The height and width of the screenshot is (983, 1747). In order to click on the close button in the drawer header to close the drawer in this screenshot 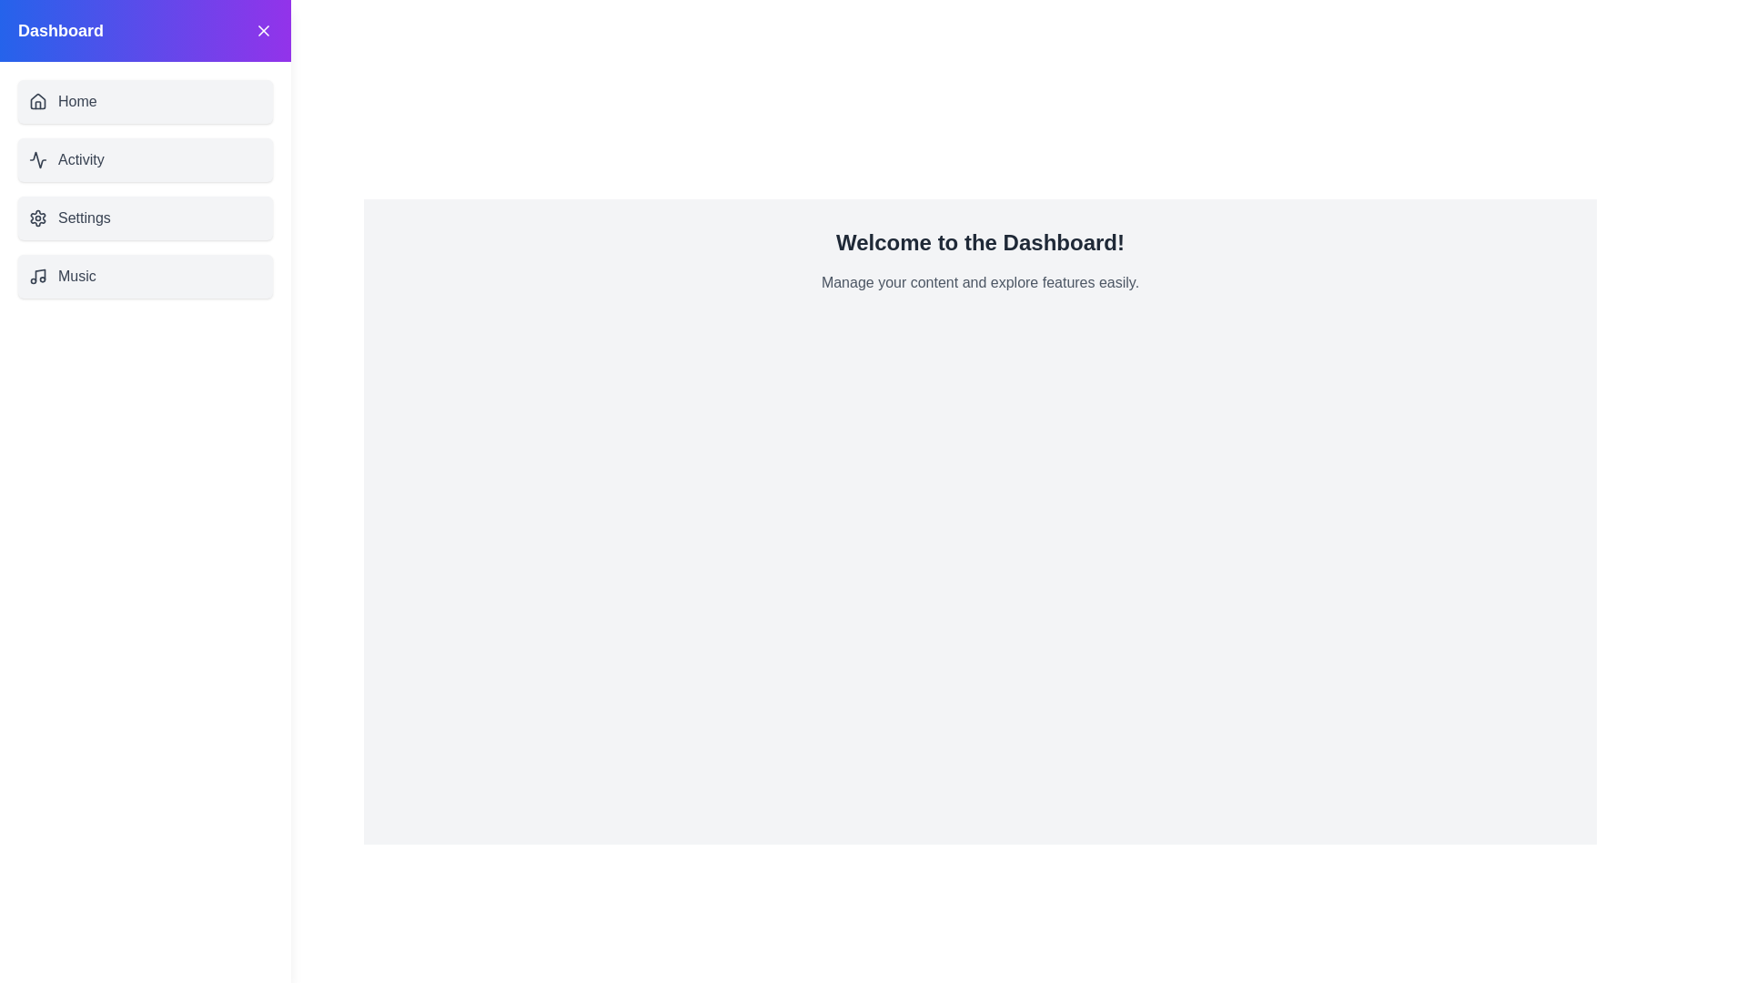, I will do `click(262, 31)`.